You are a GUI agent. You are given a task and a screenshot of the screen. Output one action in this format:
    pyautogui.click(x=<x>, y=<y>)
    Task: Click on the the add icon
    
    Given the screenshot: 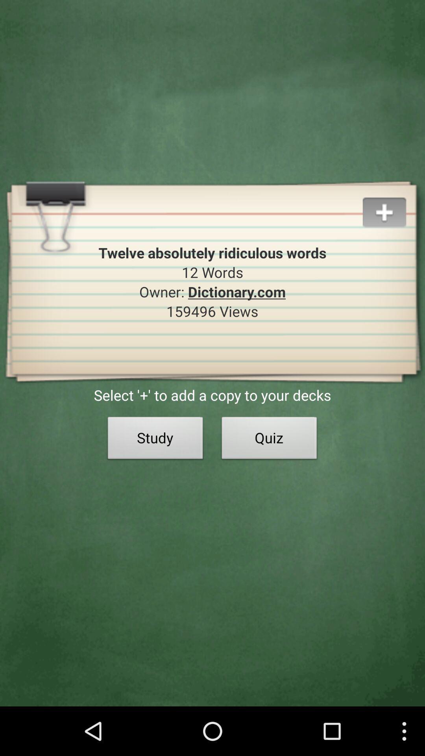 What is the action you would take?
    pyautogui.click(x=394, y=217)
    